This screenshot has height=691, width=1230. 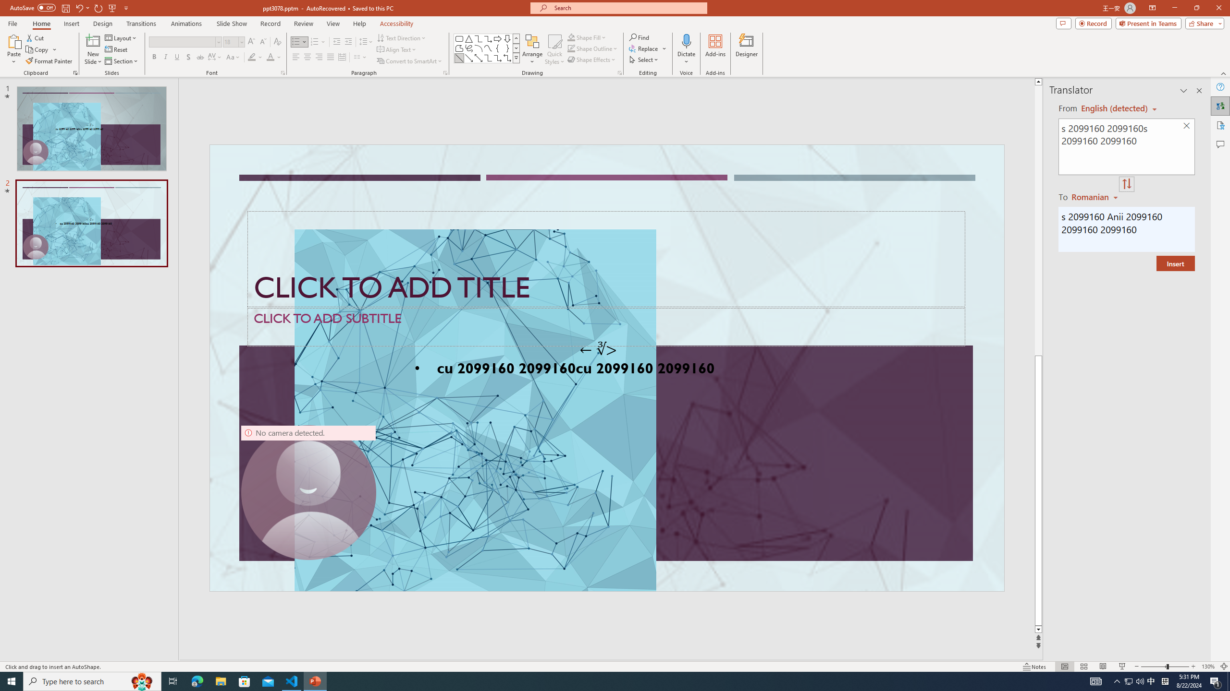 I want to click on 'Line Arrow: Double', so click(x=478, y=57).